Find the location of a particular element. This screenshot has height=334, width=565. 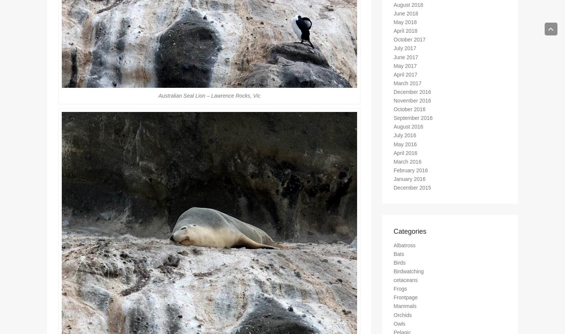

'May 2016' is located at coordinates (394, 147).